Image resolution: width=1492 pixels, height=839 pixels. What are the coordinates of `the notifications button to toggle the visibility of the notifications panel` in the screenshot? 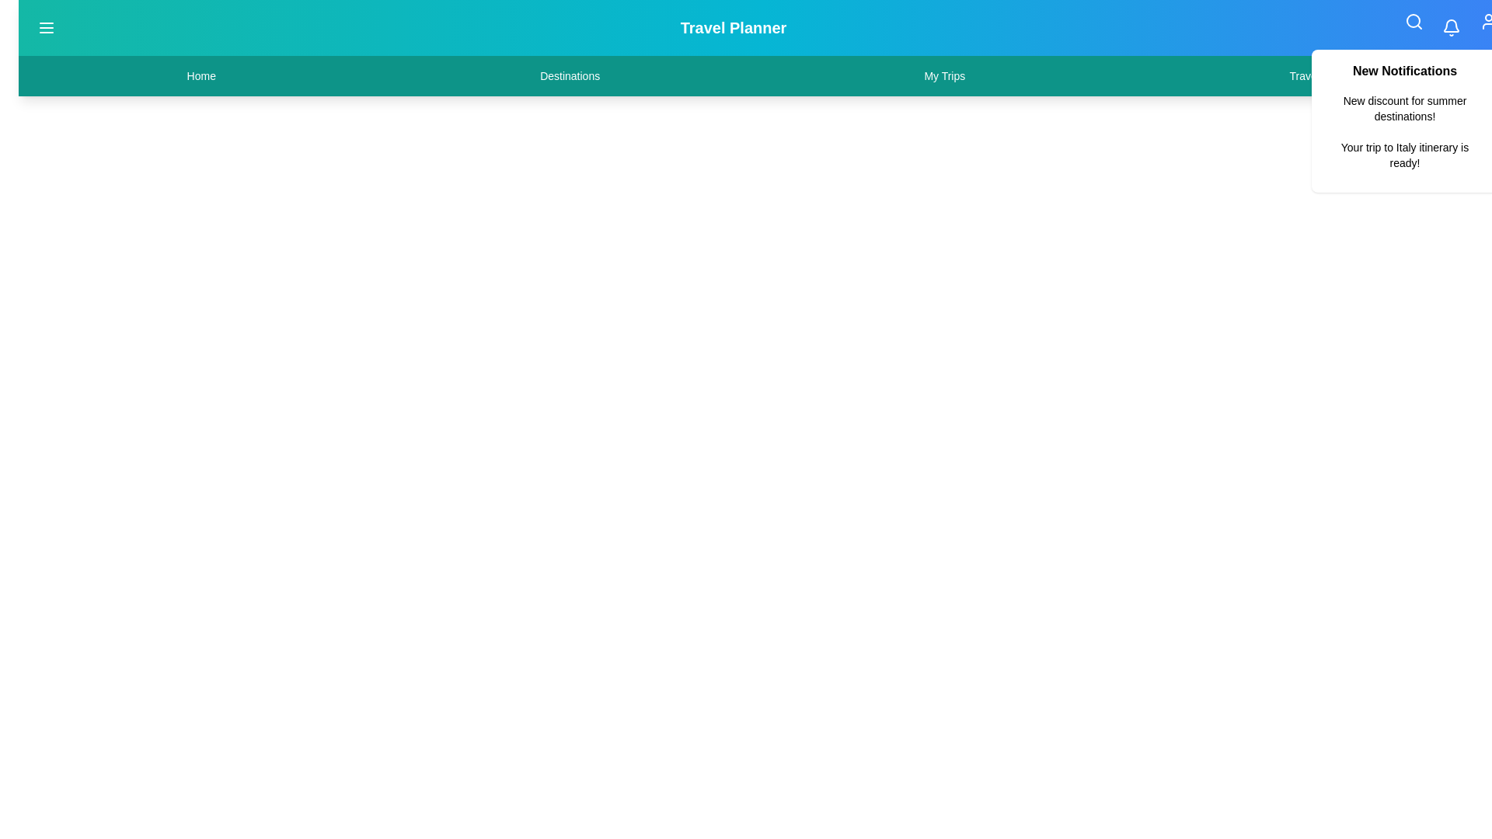 It's located at (1450, 27).